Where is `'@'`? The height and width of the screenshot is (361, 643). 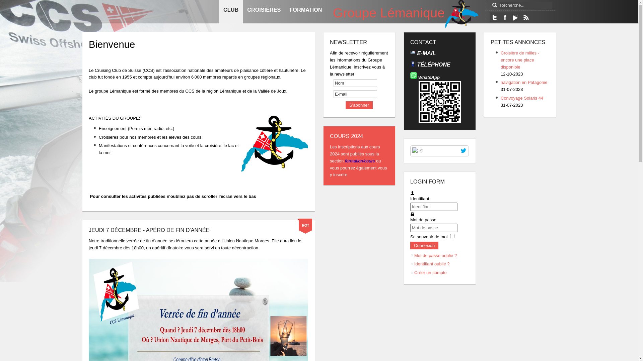
'@' is located at coordinates (421, 149).